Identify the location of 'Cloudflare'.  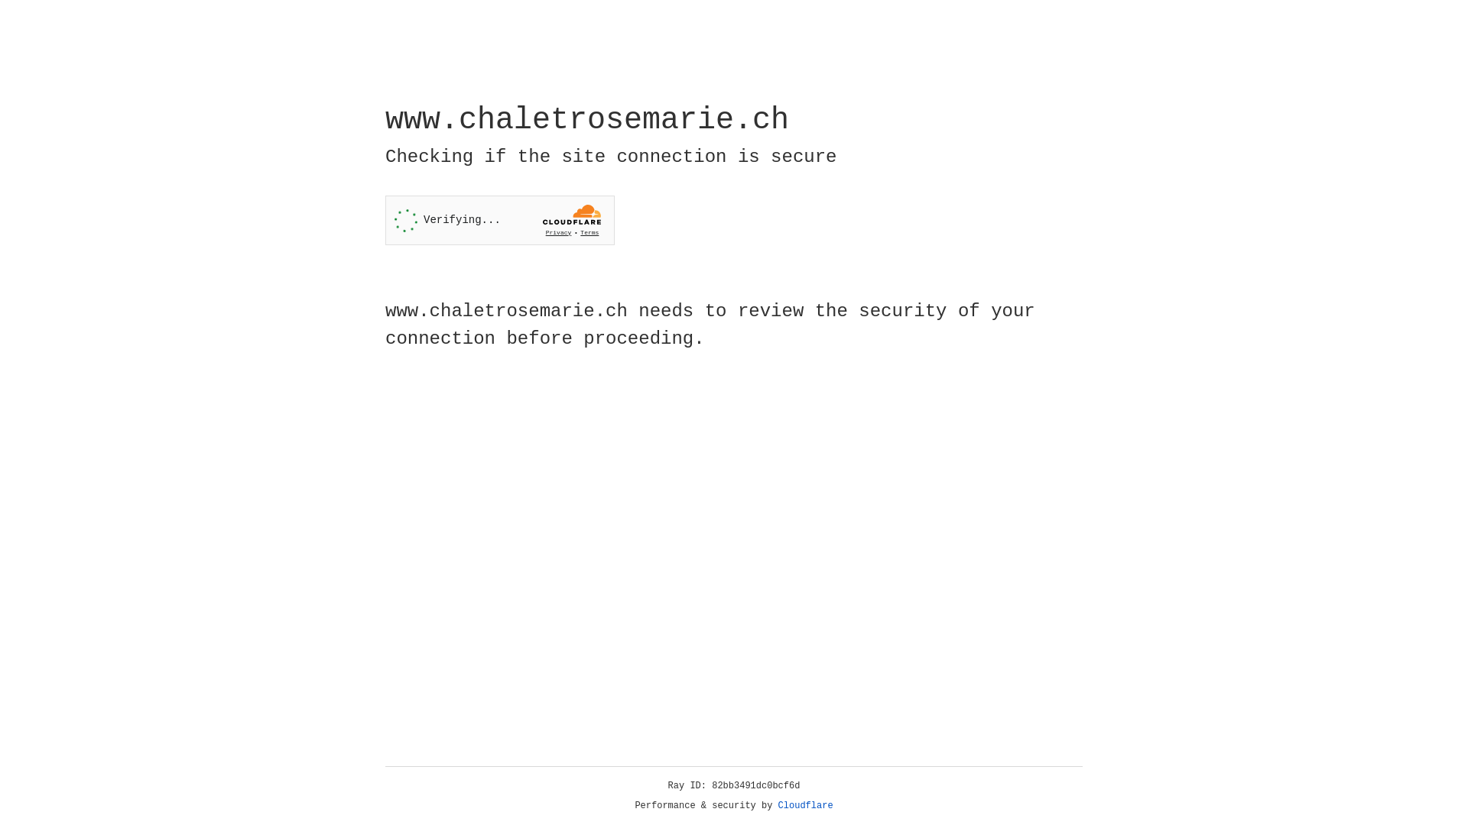
(805, 805).